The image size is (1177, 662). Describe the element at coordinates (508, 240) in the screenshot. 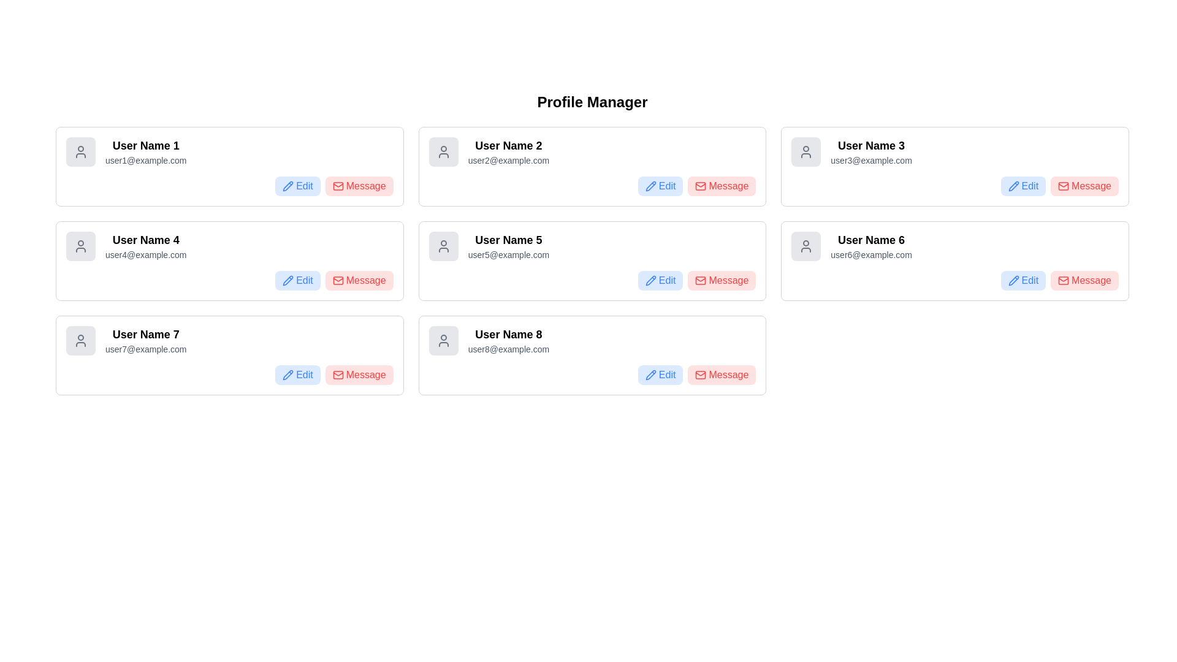

I see `the Text Label that serves as a title or identifier for the user, prominently displaying the user's name, located in the central user card above the email label 'user5@example.com'` at that location.